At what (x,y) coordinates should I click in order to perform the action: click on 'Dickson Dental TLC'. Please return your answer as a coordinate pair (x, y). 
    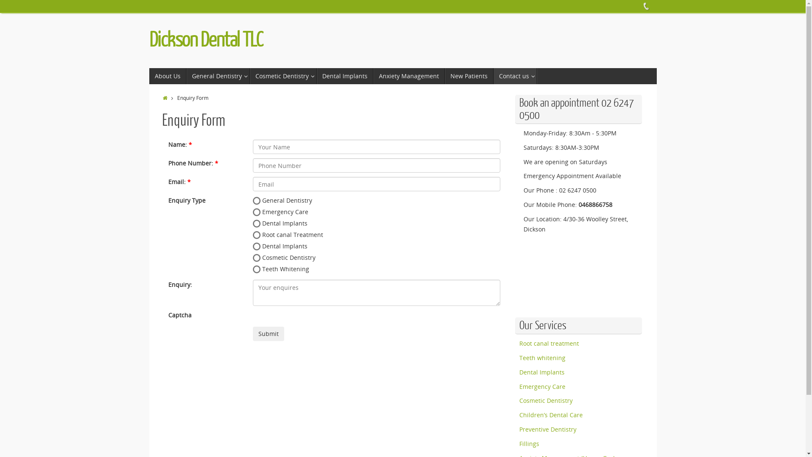
    Looking at the image, I should click on (206, 40).